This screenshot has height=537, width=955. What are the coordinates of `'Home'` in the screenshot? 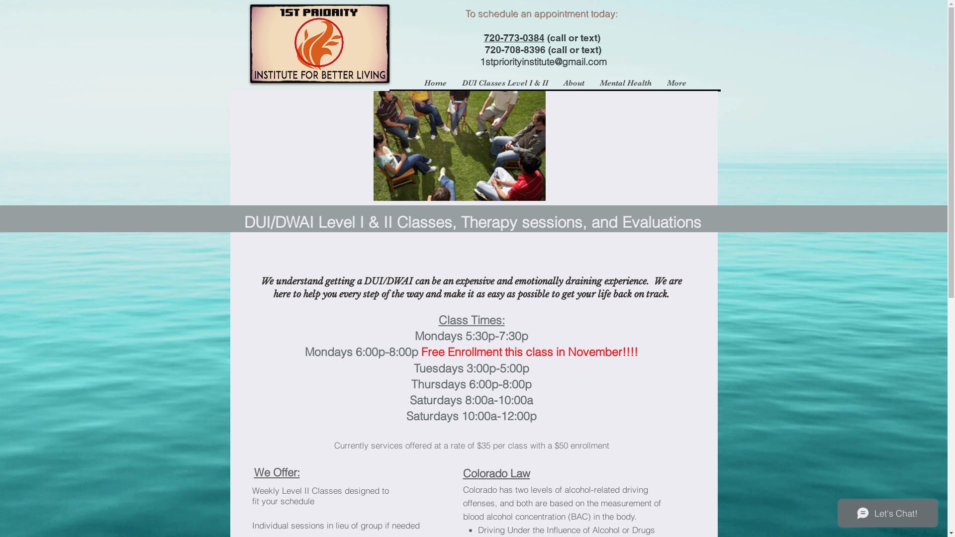 It's located at (434, 82).